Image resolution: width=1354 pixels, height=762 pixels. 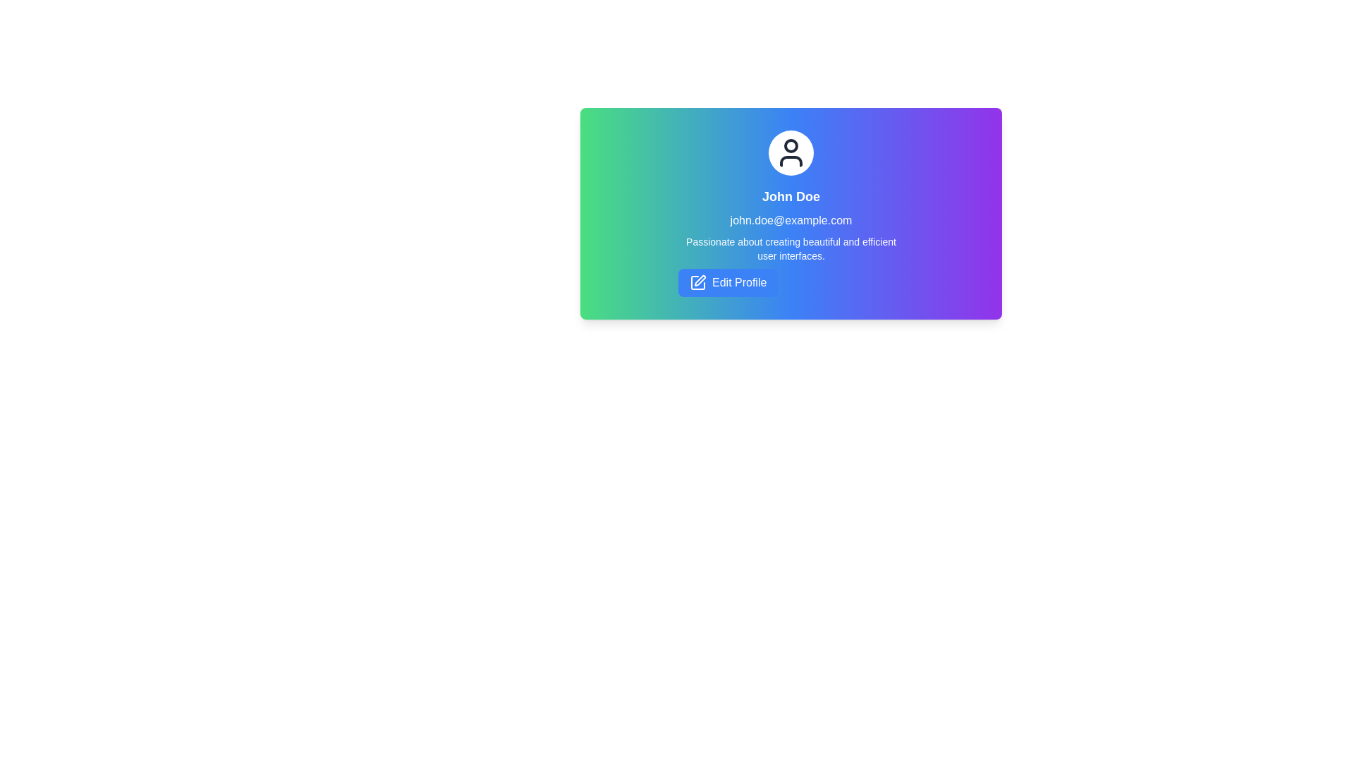 I want to click on the Circle Graphic icon, which is a circular user profile icon located at the top center of the gradient rectangular card, above the text 'John Doe' and 'john.doe@example.com', so click(x=791, y=146).